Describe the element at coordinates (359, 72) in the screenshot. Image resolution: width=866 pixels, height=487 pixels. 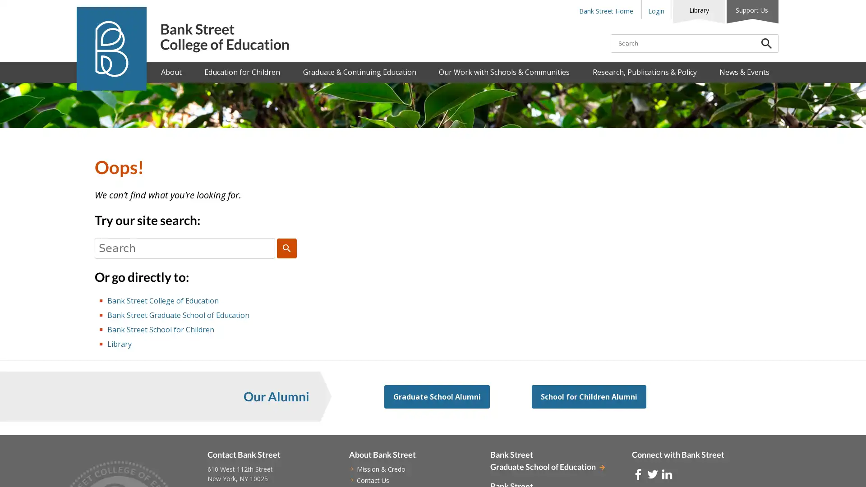
I see `Graduate & Continuing Education` at that location.